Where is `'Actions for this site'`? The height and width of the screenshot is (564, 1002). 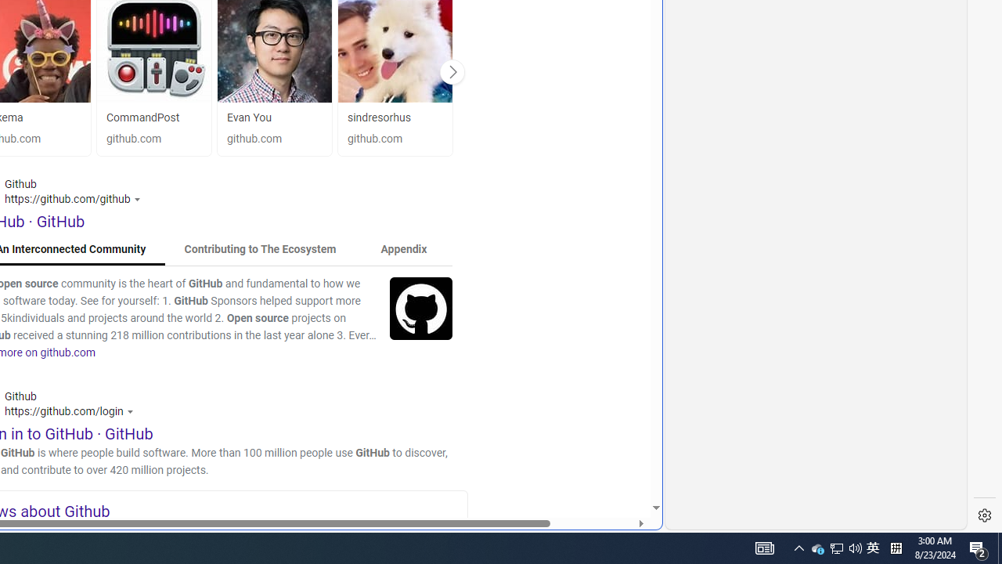 'Actions for this site' is located at coordinates (132, 410).